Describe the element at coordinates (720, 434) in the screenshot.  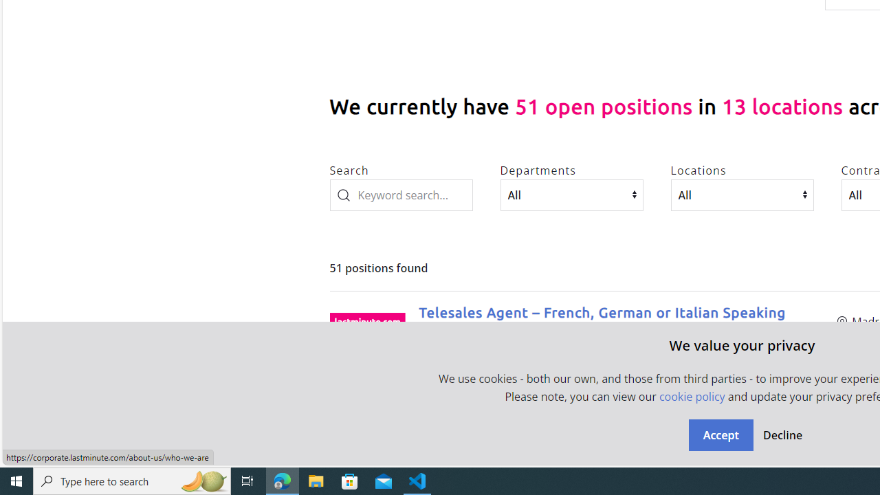
I see `'Accept'` at that location.